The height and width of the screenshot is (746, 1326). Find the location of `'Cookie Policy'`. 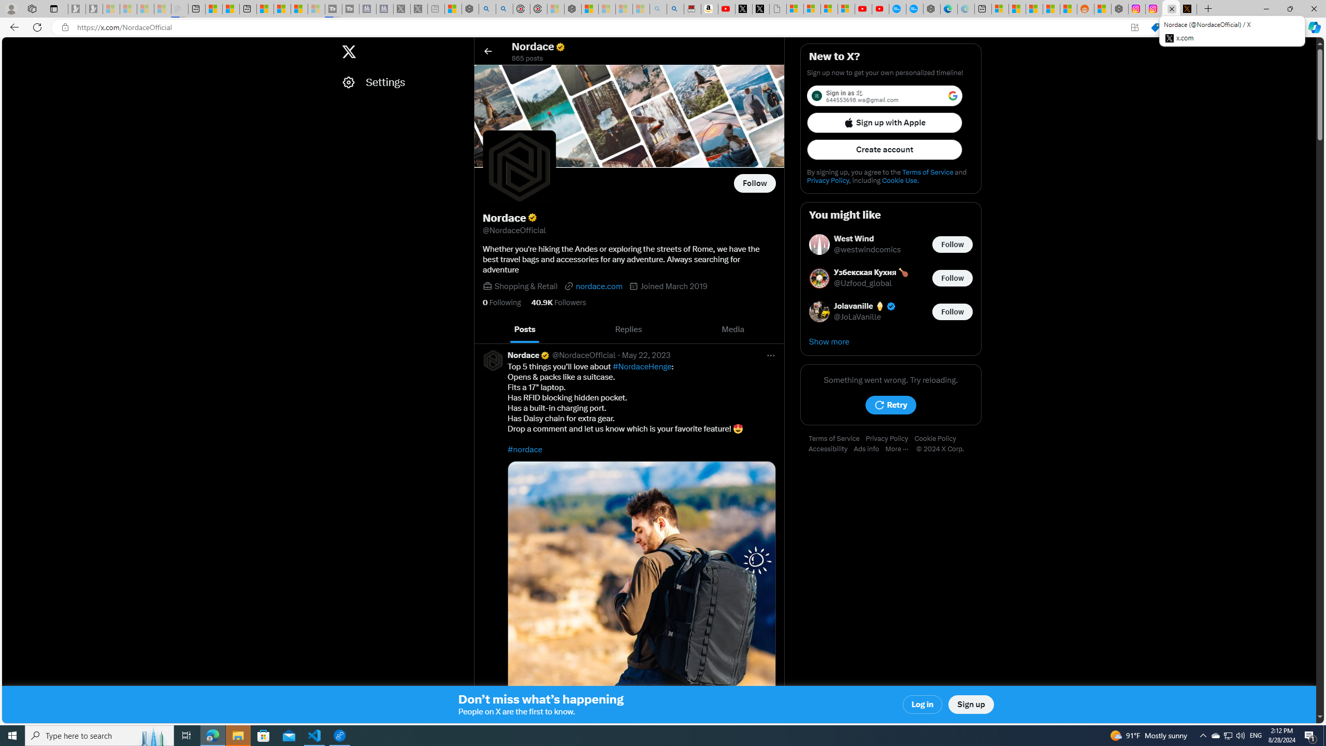

'Cookie Policy' is located at coordinates (938, 438).